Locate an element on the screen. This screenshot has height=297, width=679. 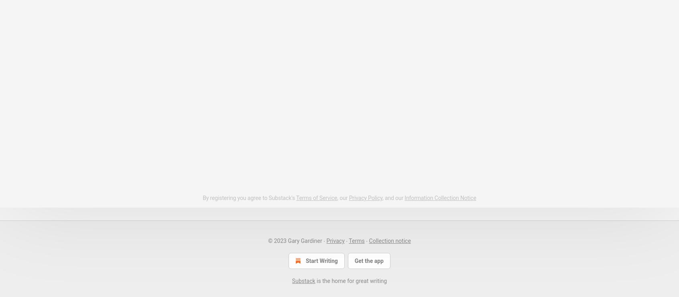
'2023' is located at coordinates (280, 240).